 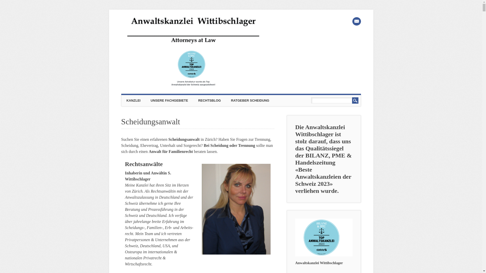 What do you see at coordinates (356, 21) in the screenshot?
I see `'Email'` at bounding box center [356, 21].